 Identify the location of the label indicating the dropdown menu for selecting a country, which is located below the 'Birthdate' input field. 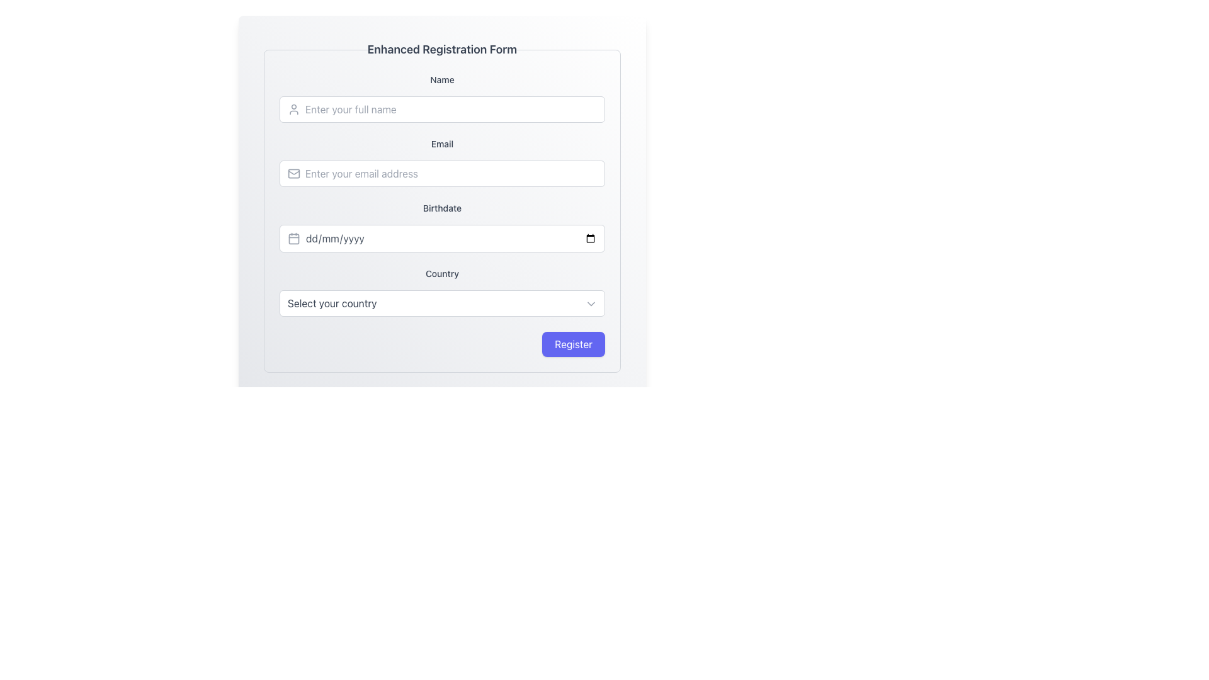
(442, 273).